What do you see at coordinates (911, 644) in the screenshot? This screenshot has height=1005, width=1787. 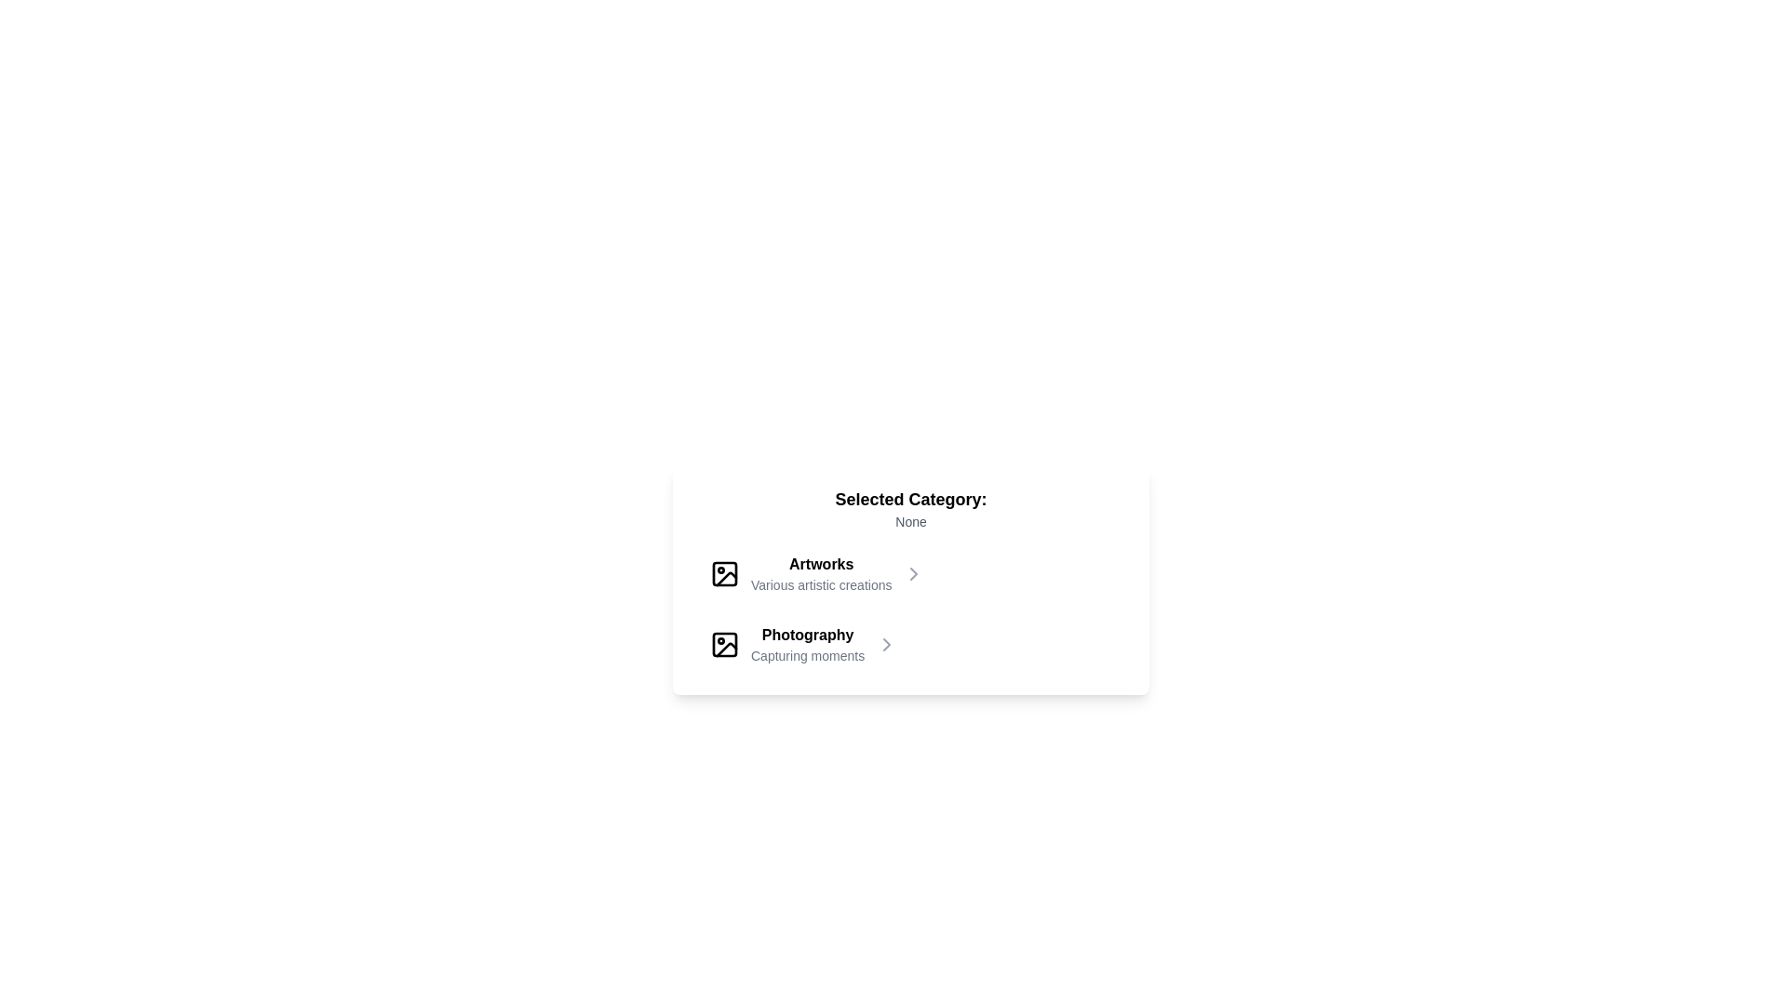 I see `the 'Photography' category button, which is the second item in a vertically stacked list of categories` at bounding box center [911, 644].